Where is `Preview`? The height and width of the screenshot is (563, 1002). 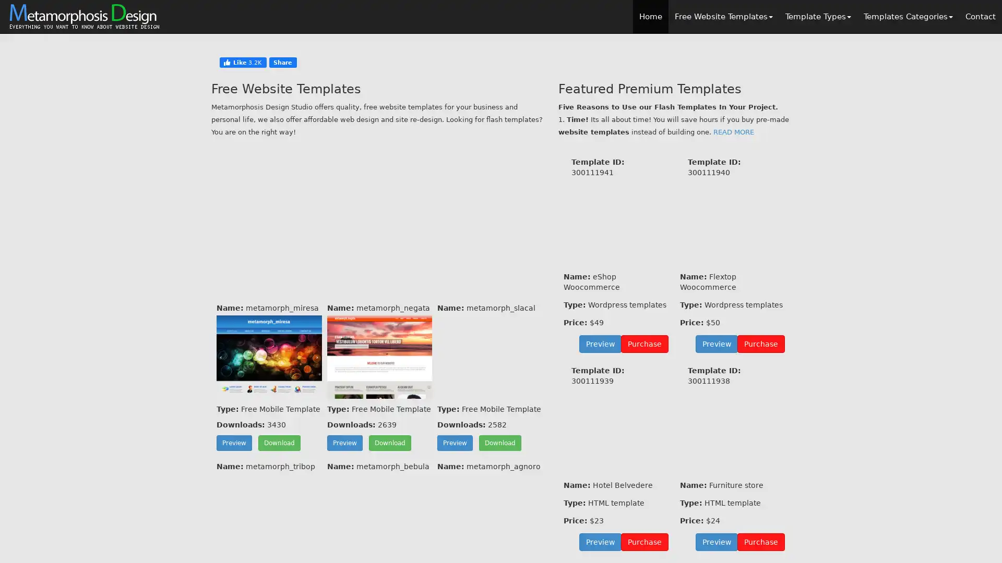 Preview is located at coordinates (600, 542).